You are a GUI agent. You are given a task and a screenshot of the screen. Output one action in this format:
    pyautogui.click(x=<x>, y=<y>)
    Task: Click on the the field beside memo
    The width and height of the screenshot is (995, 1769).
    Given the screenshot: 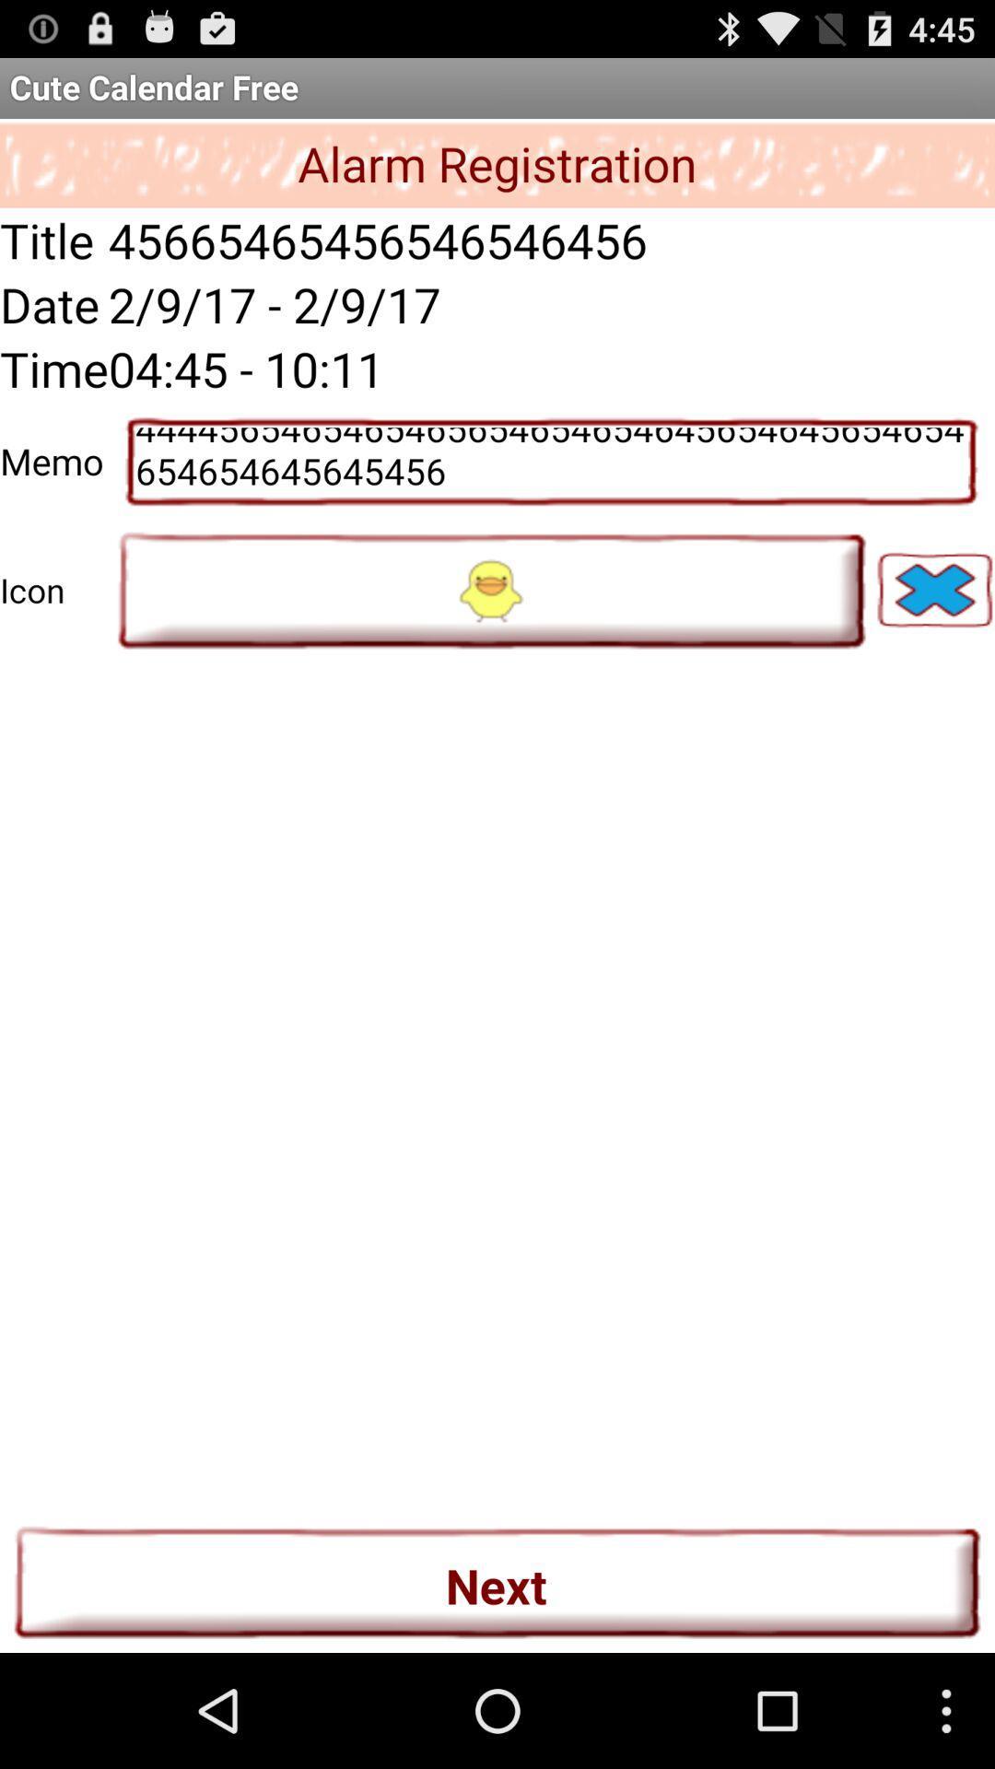 What is the action you would take?
    pyautogui.click(x=550, y=462)
    